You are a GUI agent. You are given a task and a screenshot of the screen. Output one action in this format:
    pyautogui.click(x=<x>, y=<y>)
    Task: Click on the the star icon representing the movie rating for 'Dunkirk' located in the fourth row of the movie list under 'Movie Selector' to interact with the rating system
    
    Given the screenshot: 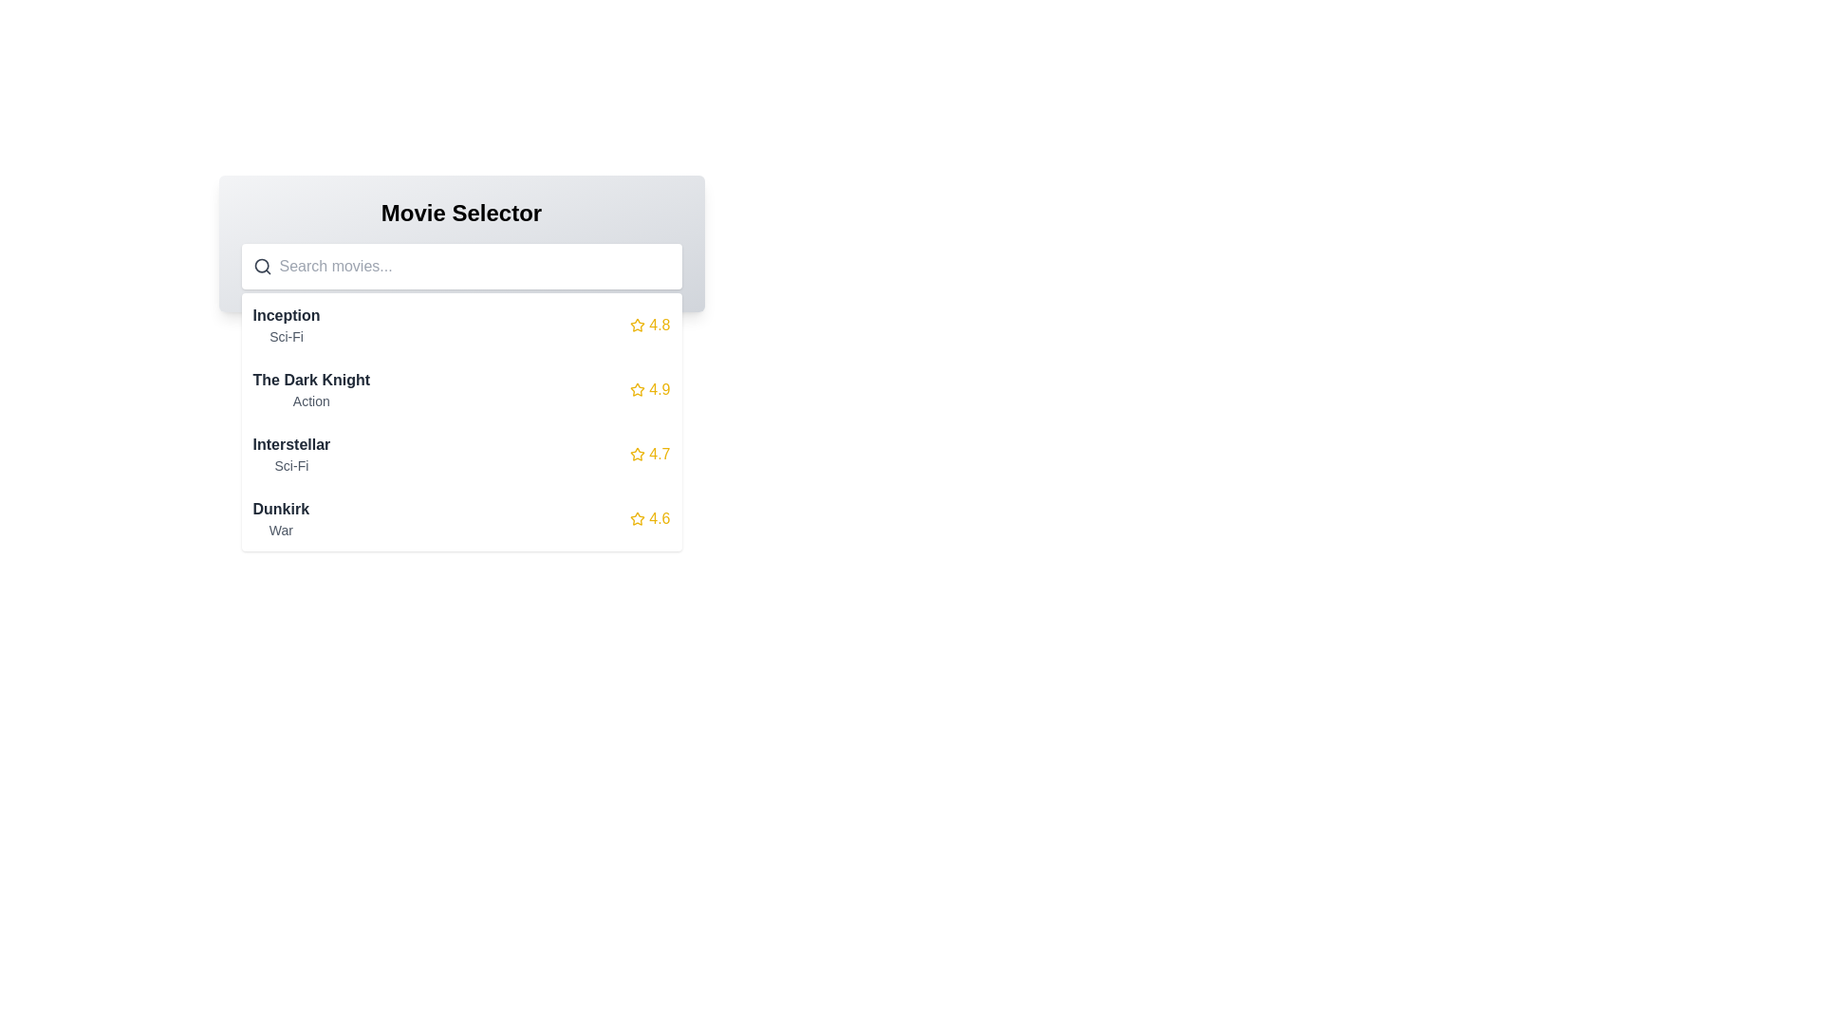 What is the action you would take?
    pyautogui.click(x=638, y=518)
    